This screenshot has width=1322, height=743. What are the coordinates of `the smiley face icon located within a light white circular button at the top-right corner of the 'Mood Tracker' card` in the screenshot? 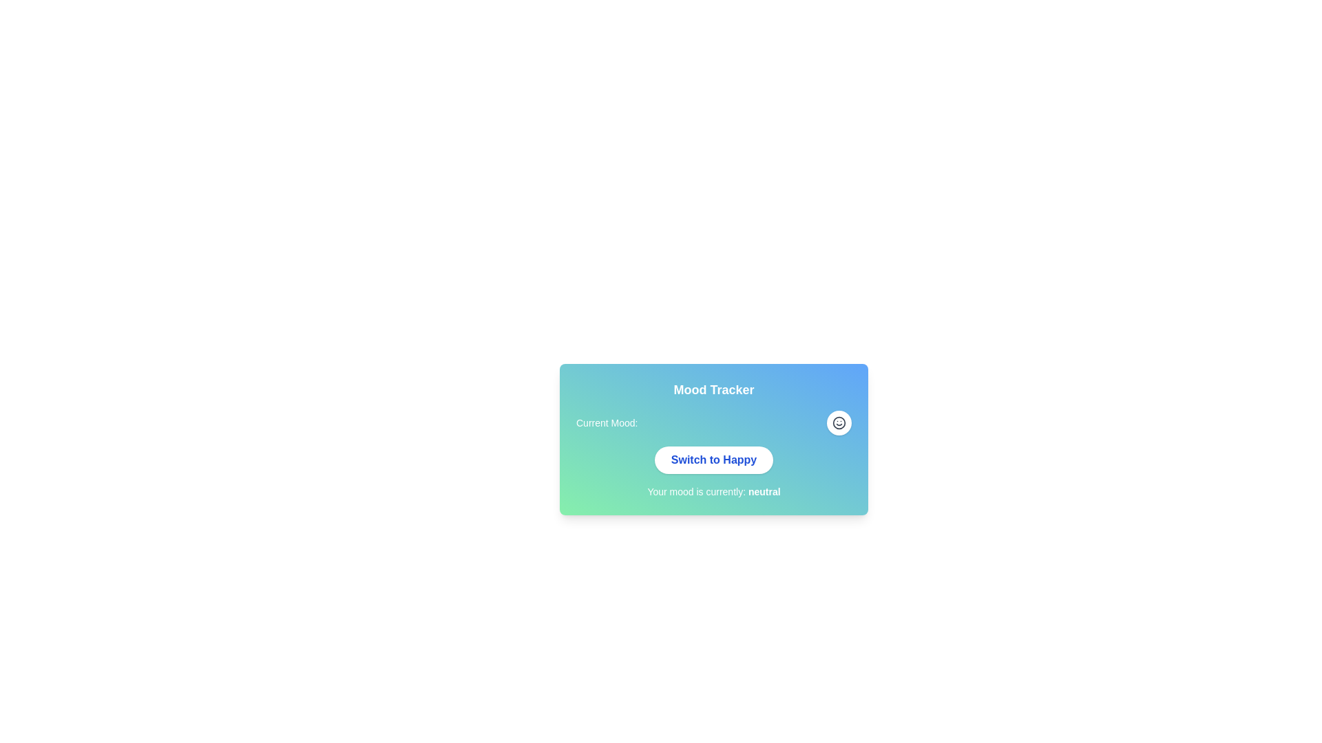 It's located at (839, 422).